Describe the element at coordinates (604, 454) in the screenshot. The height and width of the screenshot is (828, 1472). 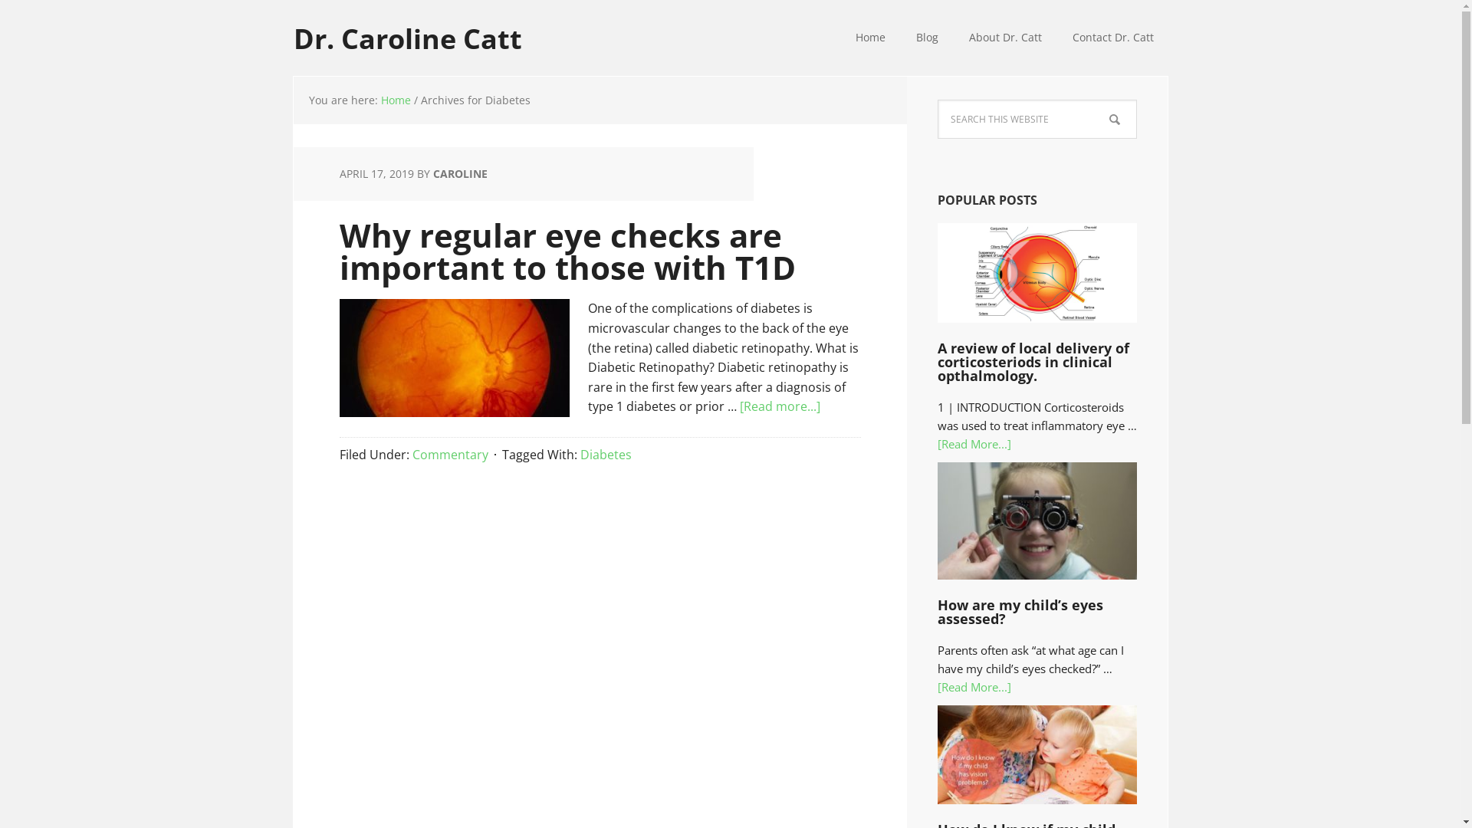
I see `'Diabetes'` at that location.